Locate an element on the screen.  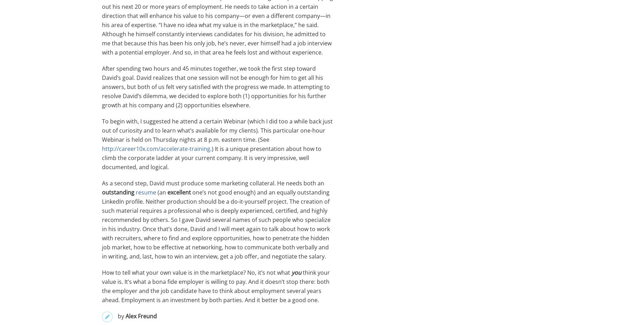
'Alex Freund' is located at coordinates (141, 316).